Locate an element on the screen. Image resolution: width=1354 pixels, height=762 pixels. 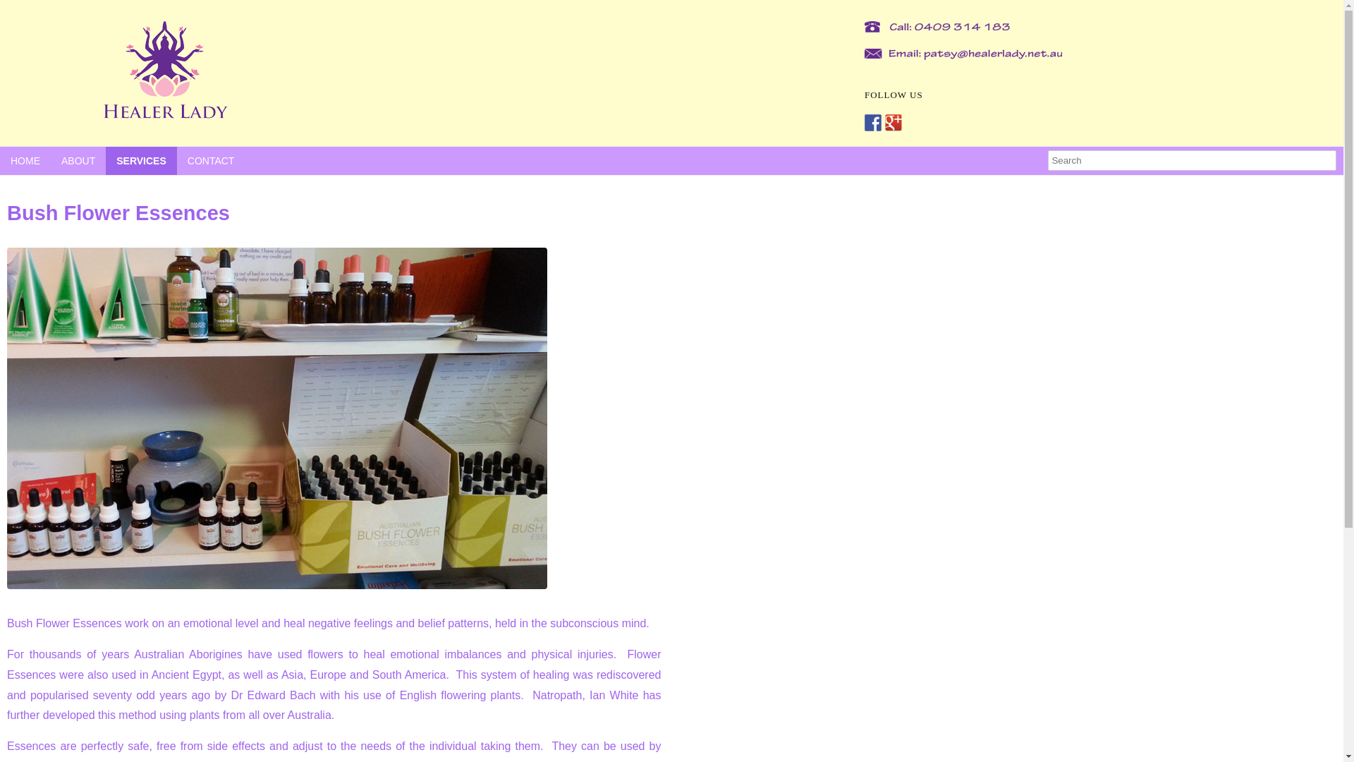
'Call' is located at coordinates (934, 27).